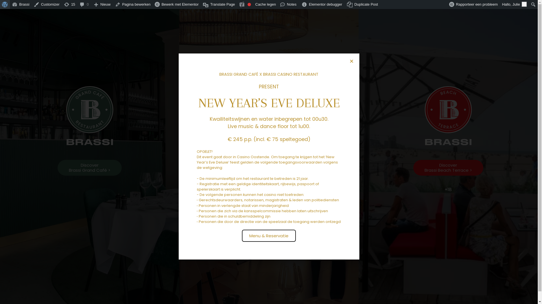  Describe the element at coordinates (84, 4) in the screenshot. I see `'0'` at that location.